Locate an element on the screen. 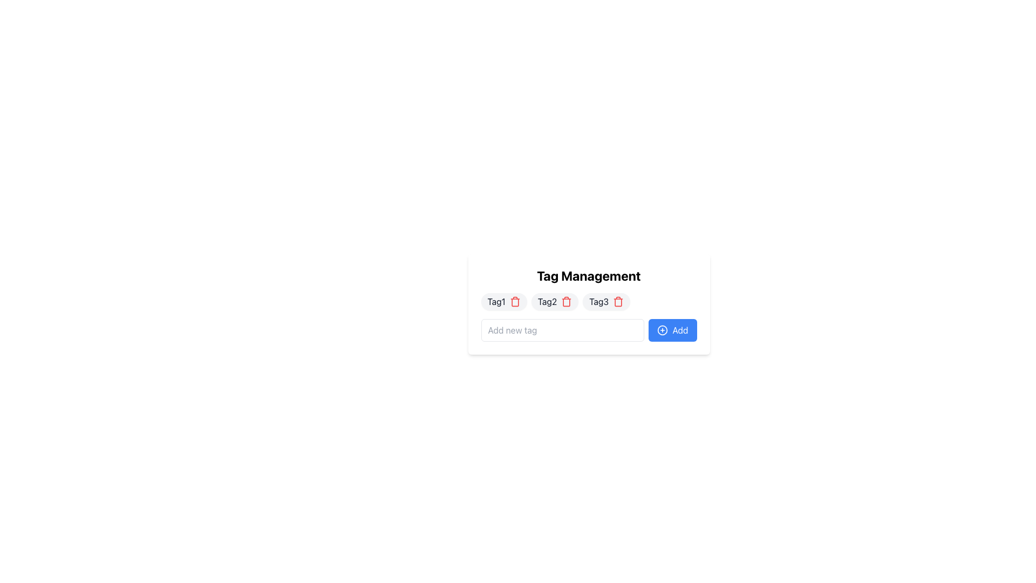  the third tag component labeled 'Tag3' is located at coordinates (606, 302).